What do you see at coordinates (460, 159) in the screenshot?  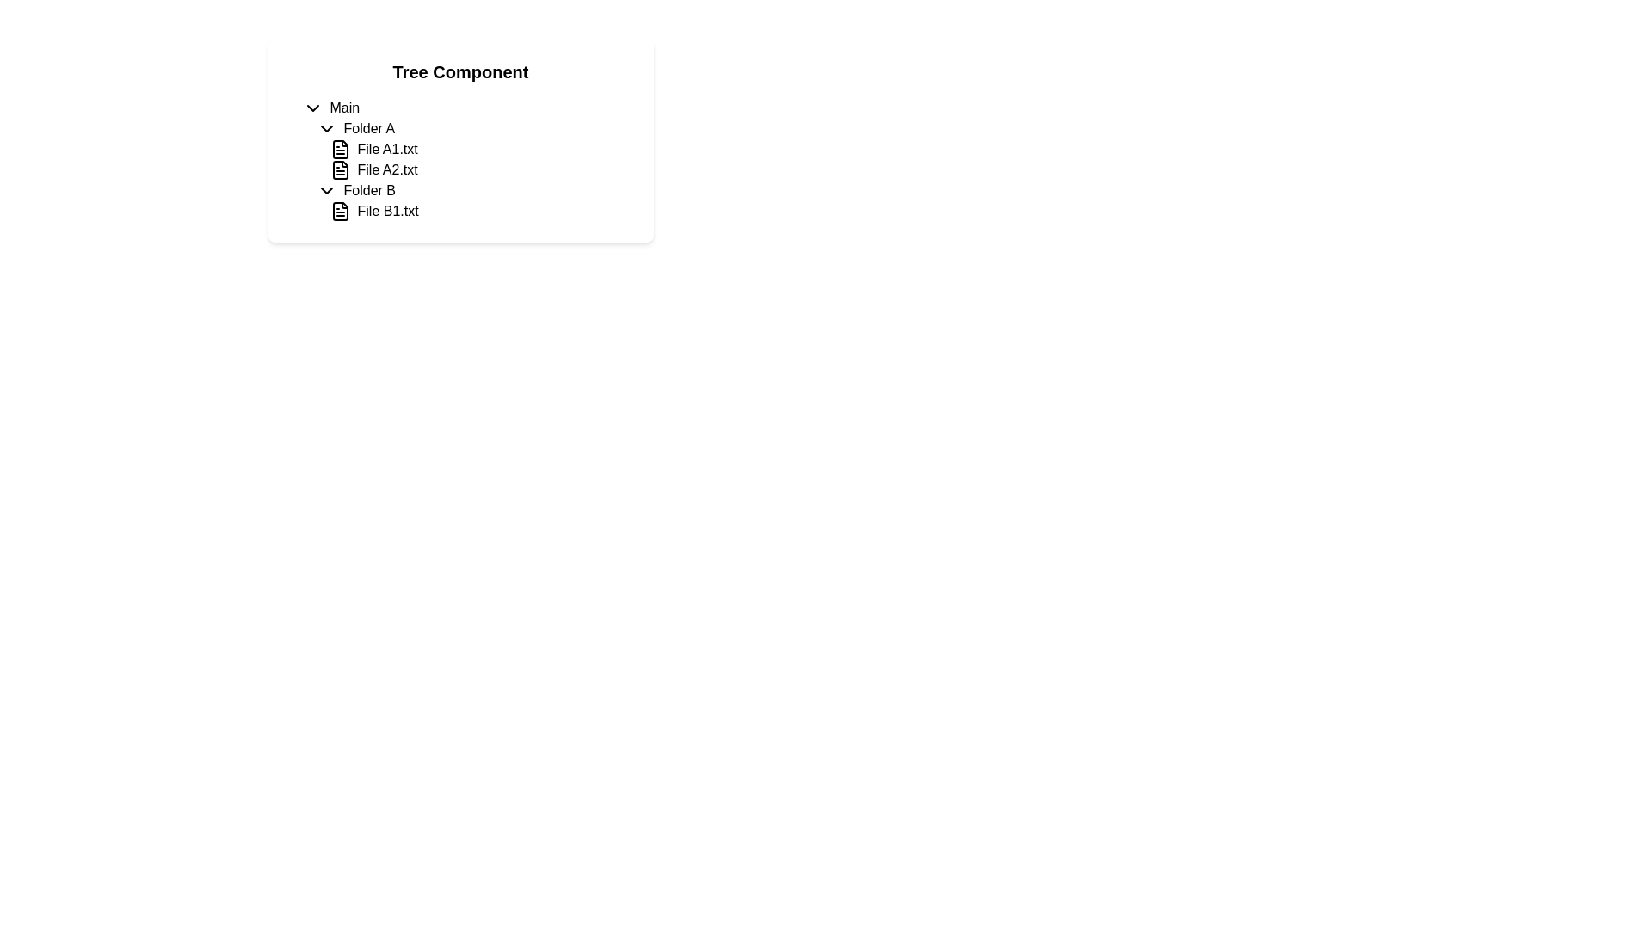 I see `the 'File A2.txt' entry in the tree-view, which is located under the 'Folder A' node in the 'Tree Component'` at bounding box center [460, 159].